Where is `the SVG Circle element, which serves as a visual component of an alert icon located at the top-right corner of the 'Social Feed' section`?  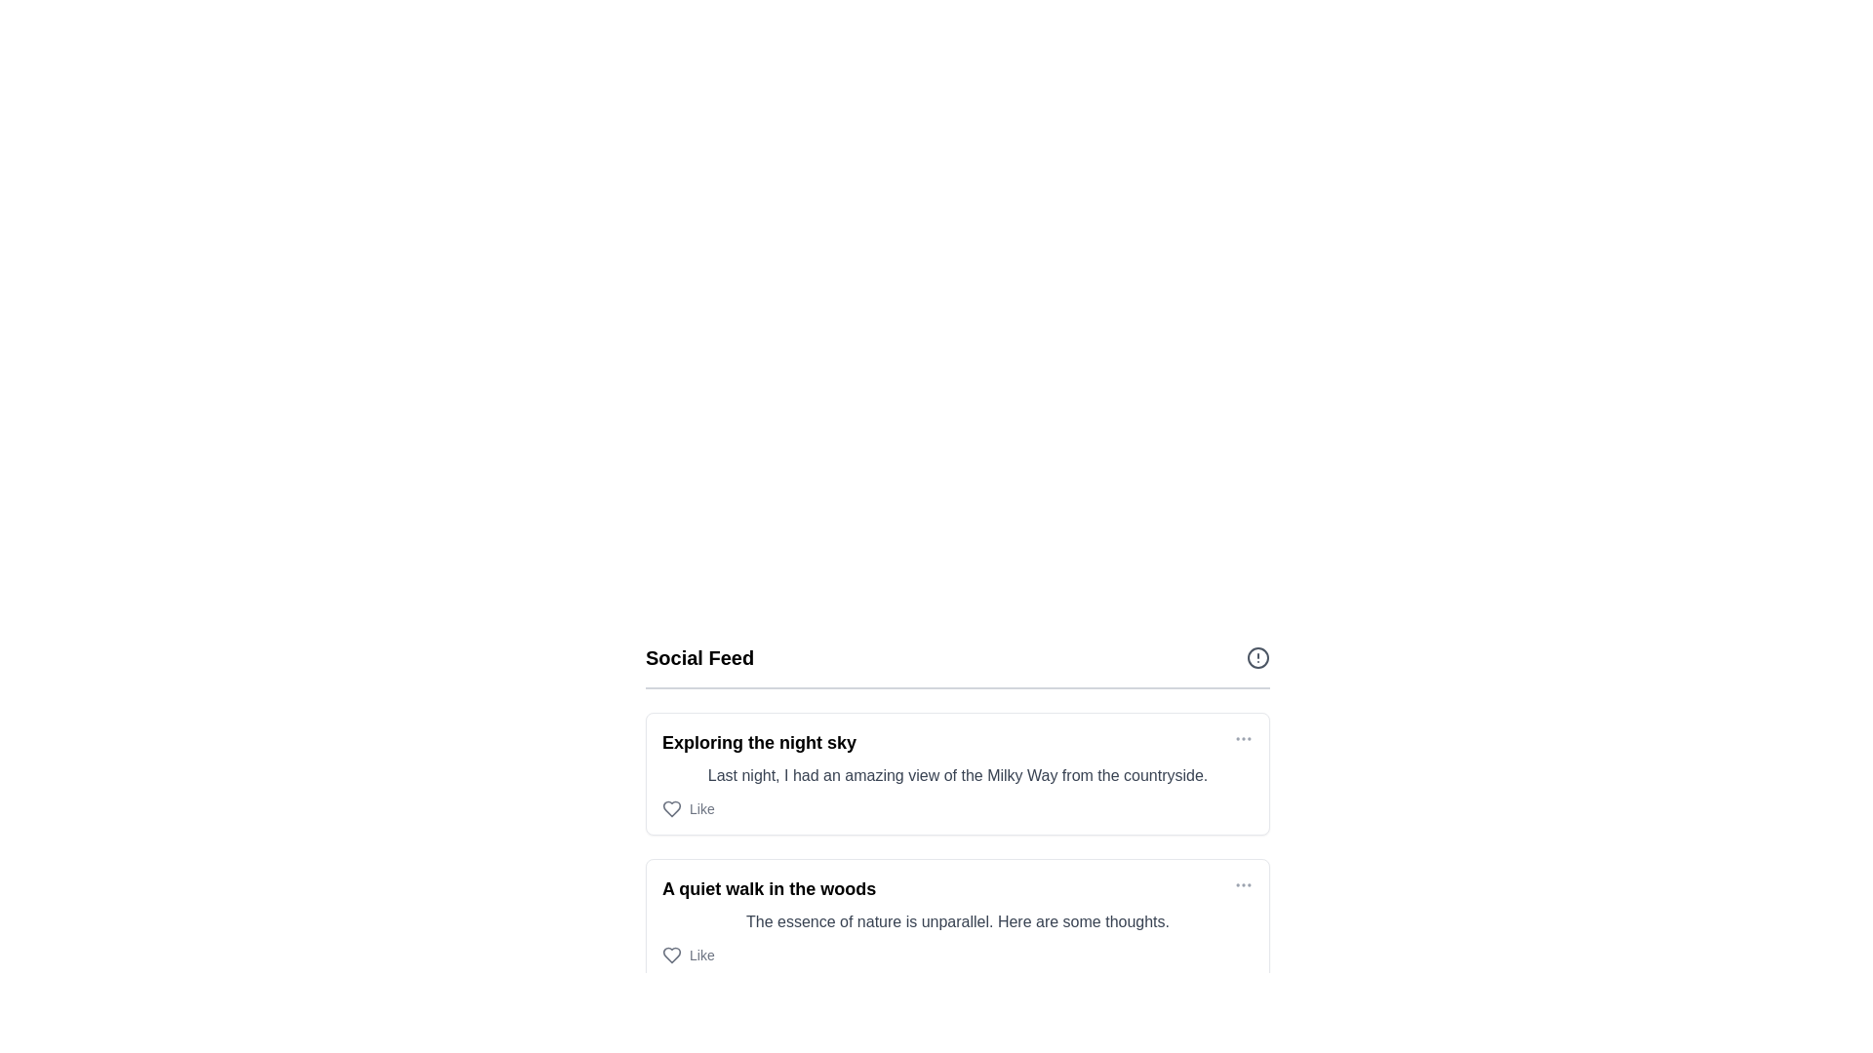 the SVG Circle element, which serves as a visual component of an alert icon located at the top-right corner of the 'Social Feed' section is located at coordinates (1258, 658).